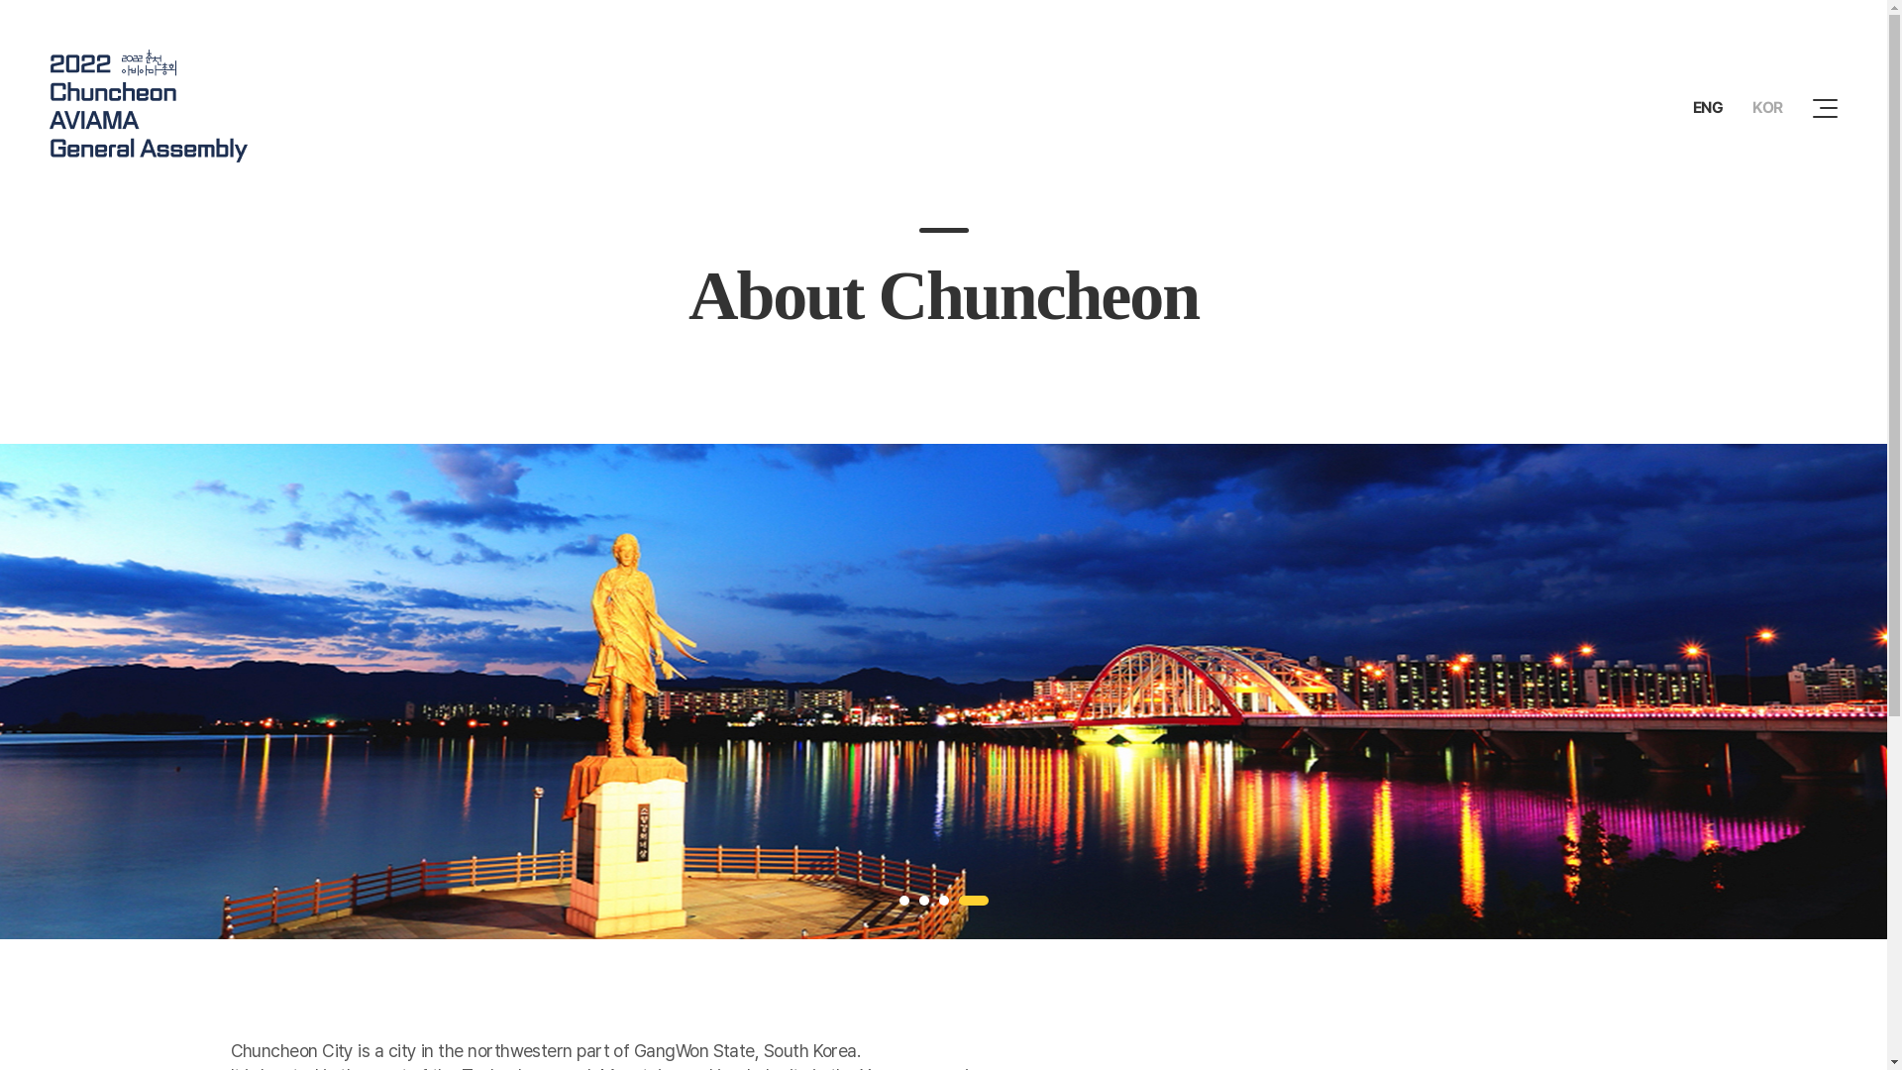  Describe the element at coordinates (1707, 107) in the screenshot. I see `'ENG'` at that location.